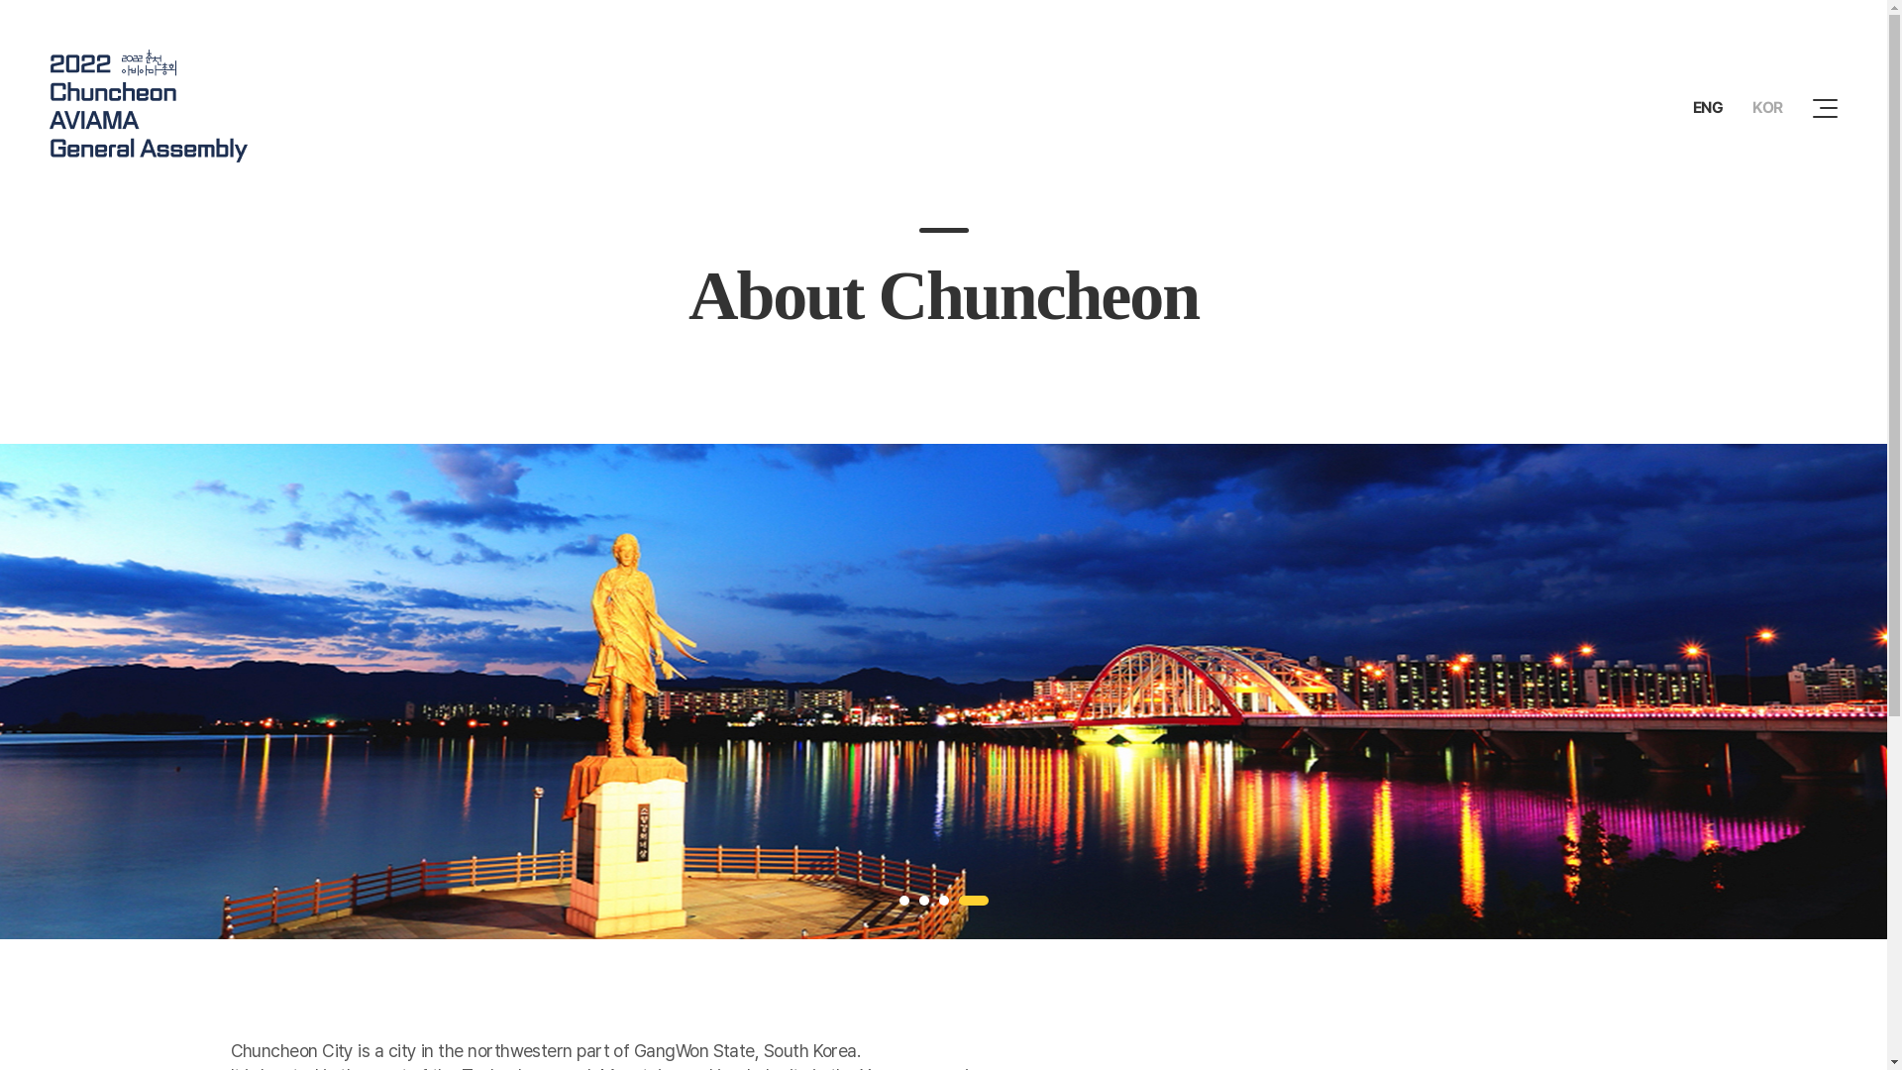  Describe the element at coordinates (1707, 107) in the screenshot. I see `'ENG'` at that location.